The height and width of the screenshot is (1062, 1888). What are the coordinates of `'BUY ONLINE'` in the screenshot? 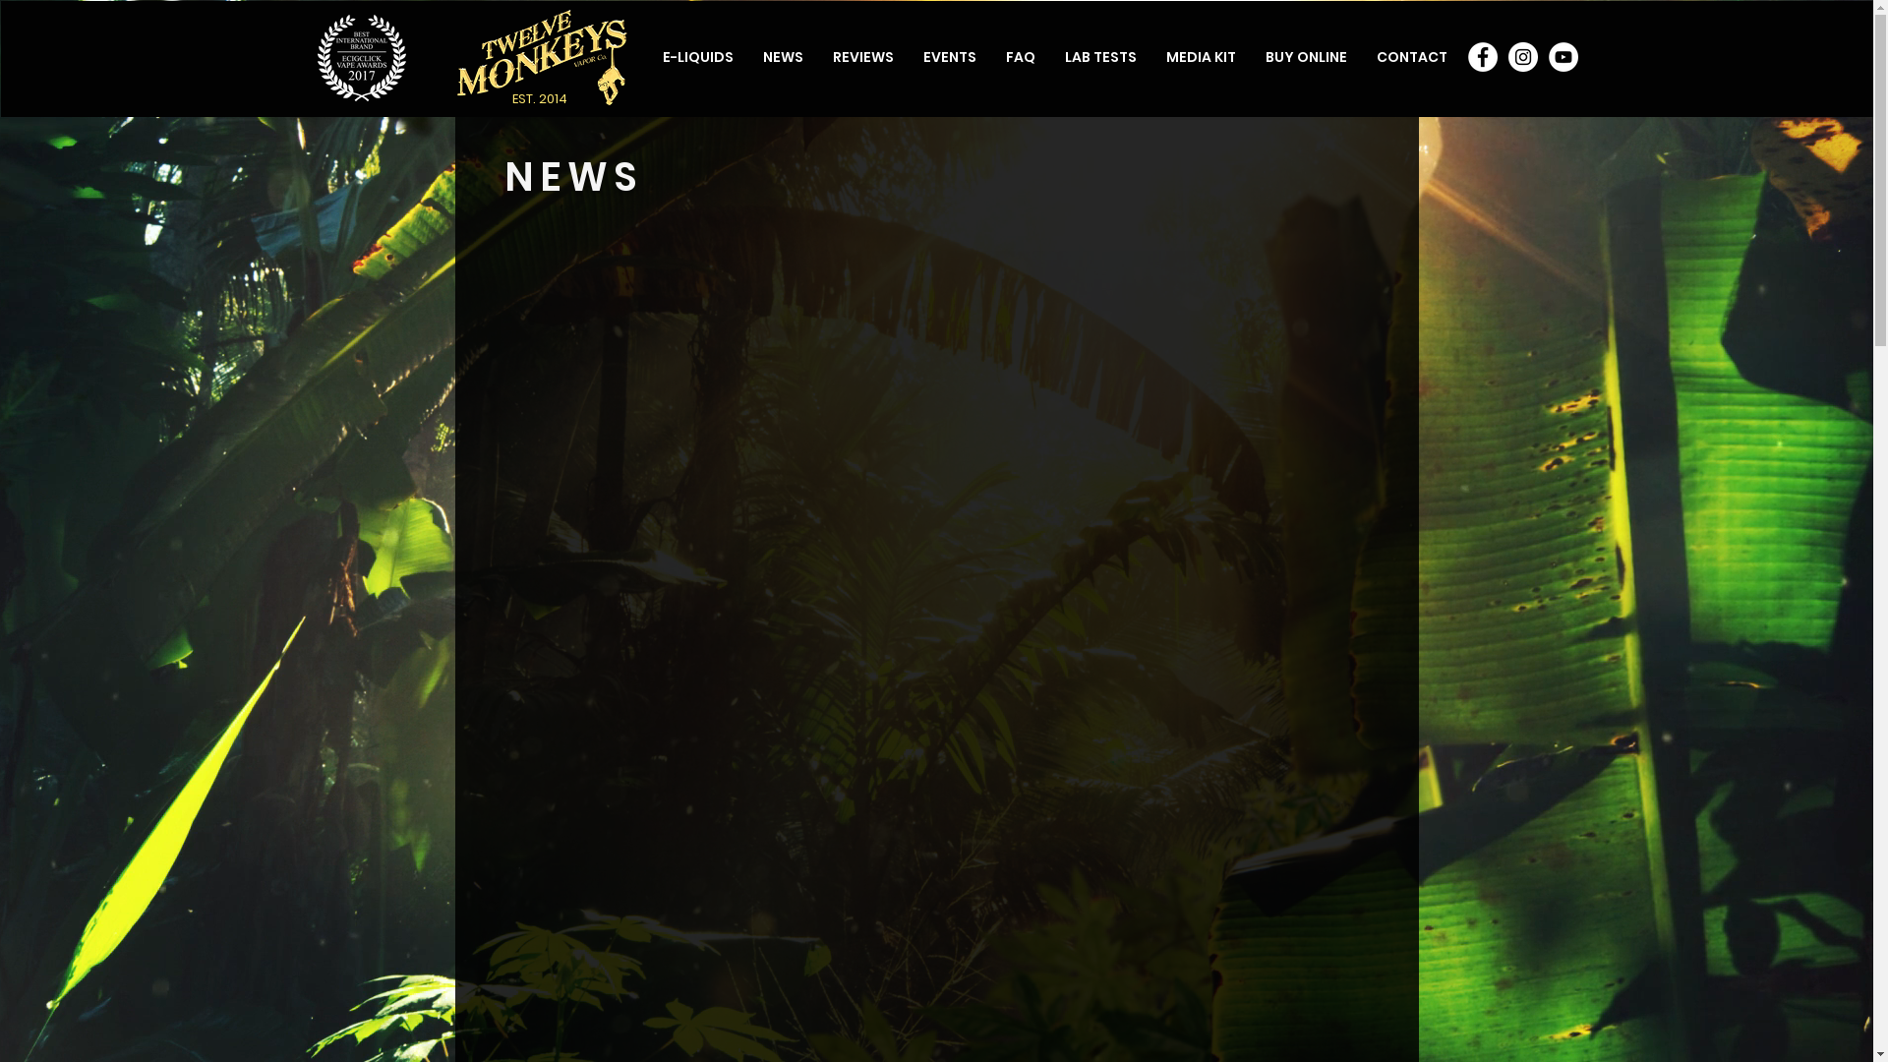 It's located at (1250, 55).